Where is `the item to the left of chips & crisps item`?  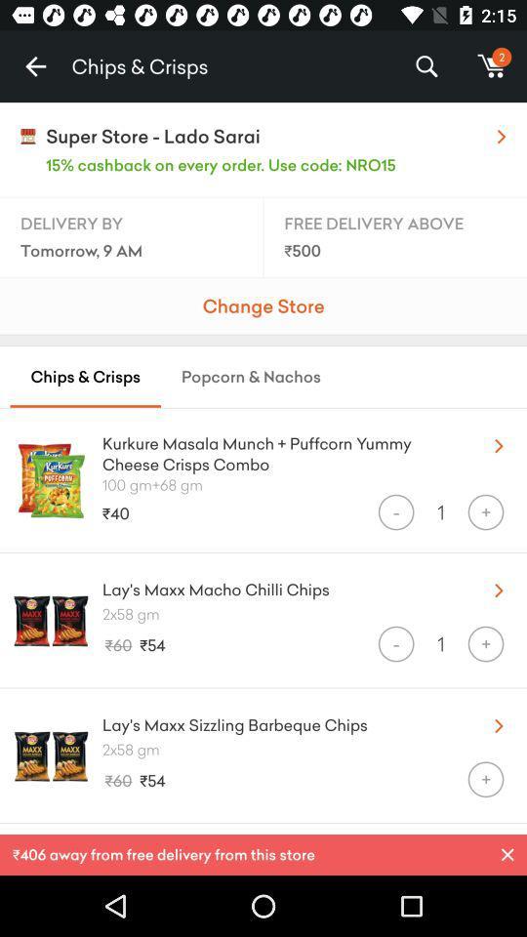 the item to the left of chips & crisps item is located at coordinates (35, 66).